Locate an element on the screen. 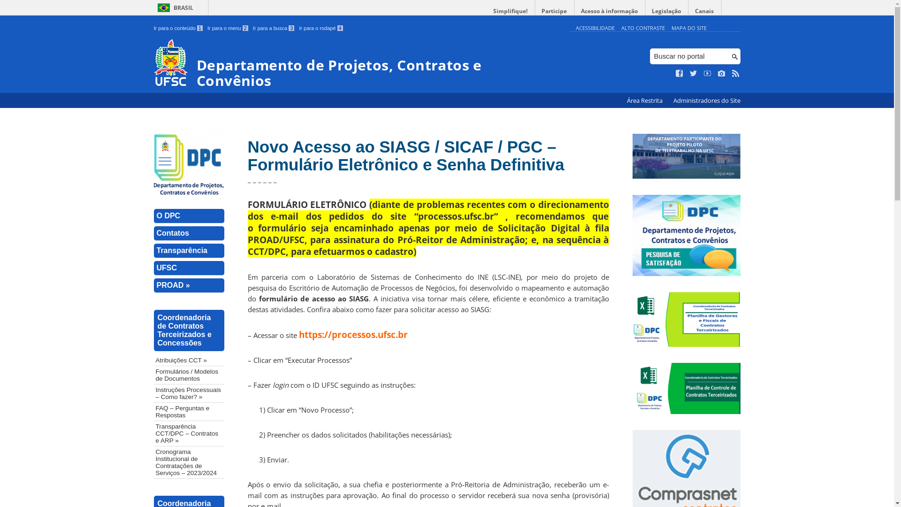 The width and height of the screenshot is (901, 507). 'Participe' is located at coordinates (535, 11).